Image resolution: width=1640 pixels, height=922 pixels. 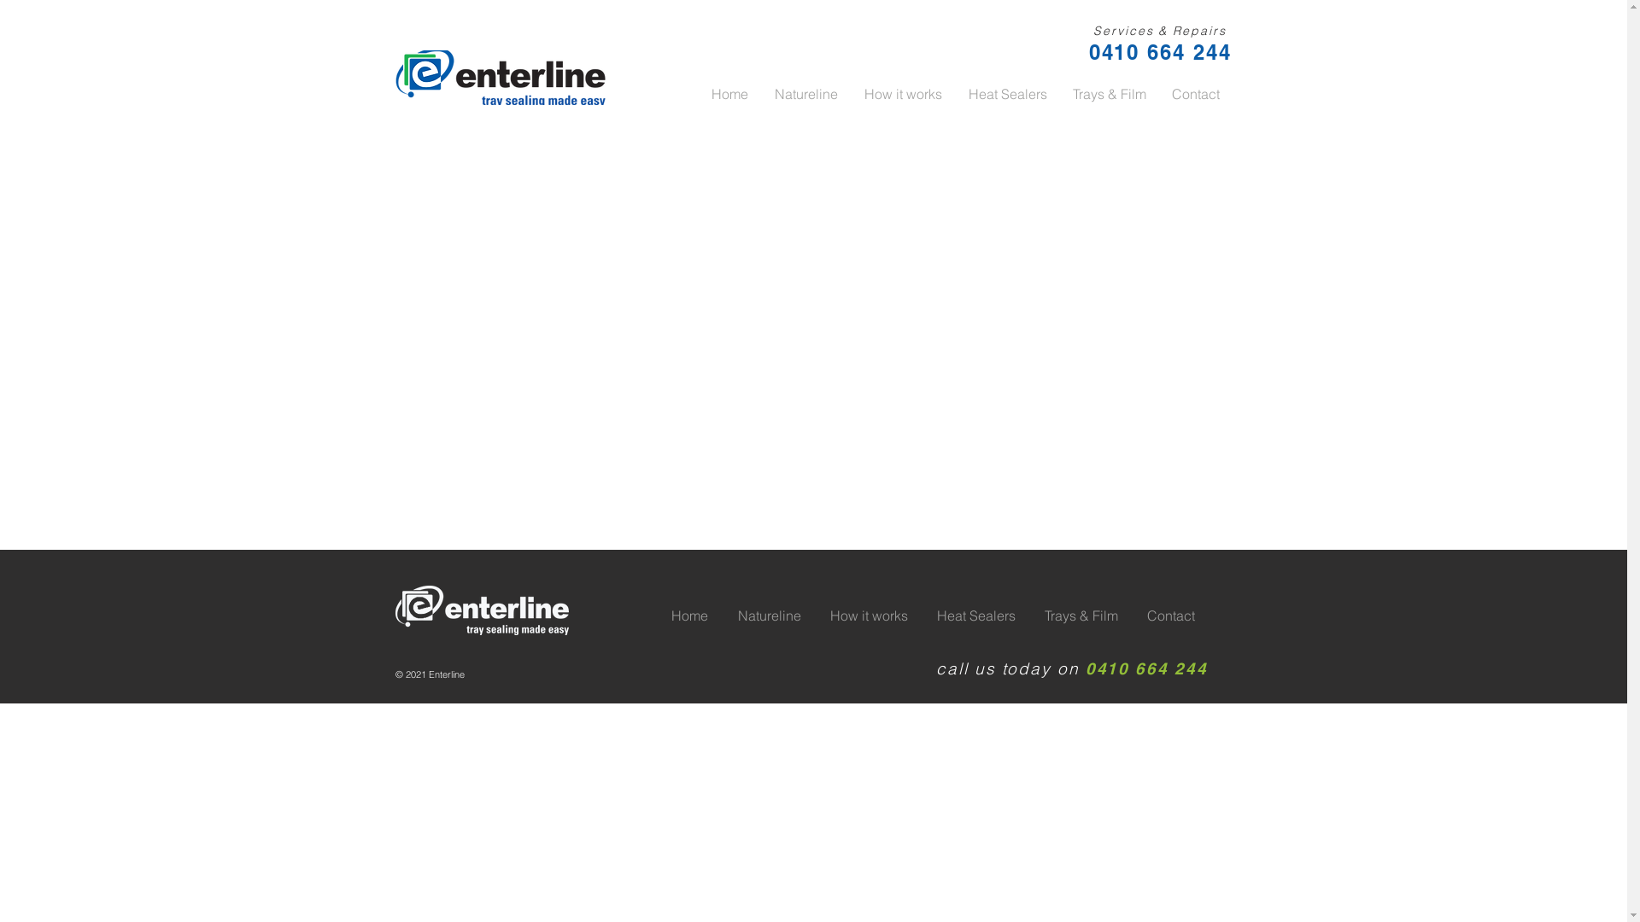 I want to click on 'Home', so click(x=729, y=94).